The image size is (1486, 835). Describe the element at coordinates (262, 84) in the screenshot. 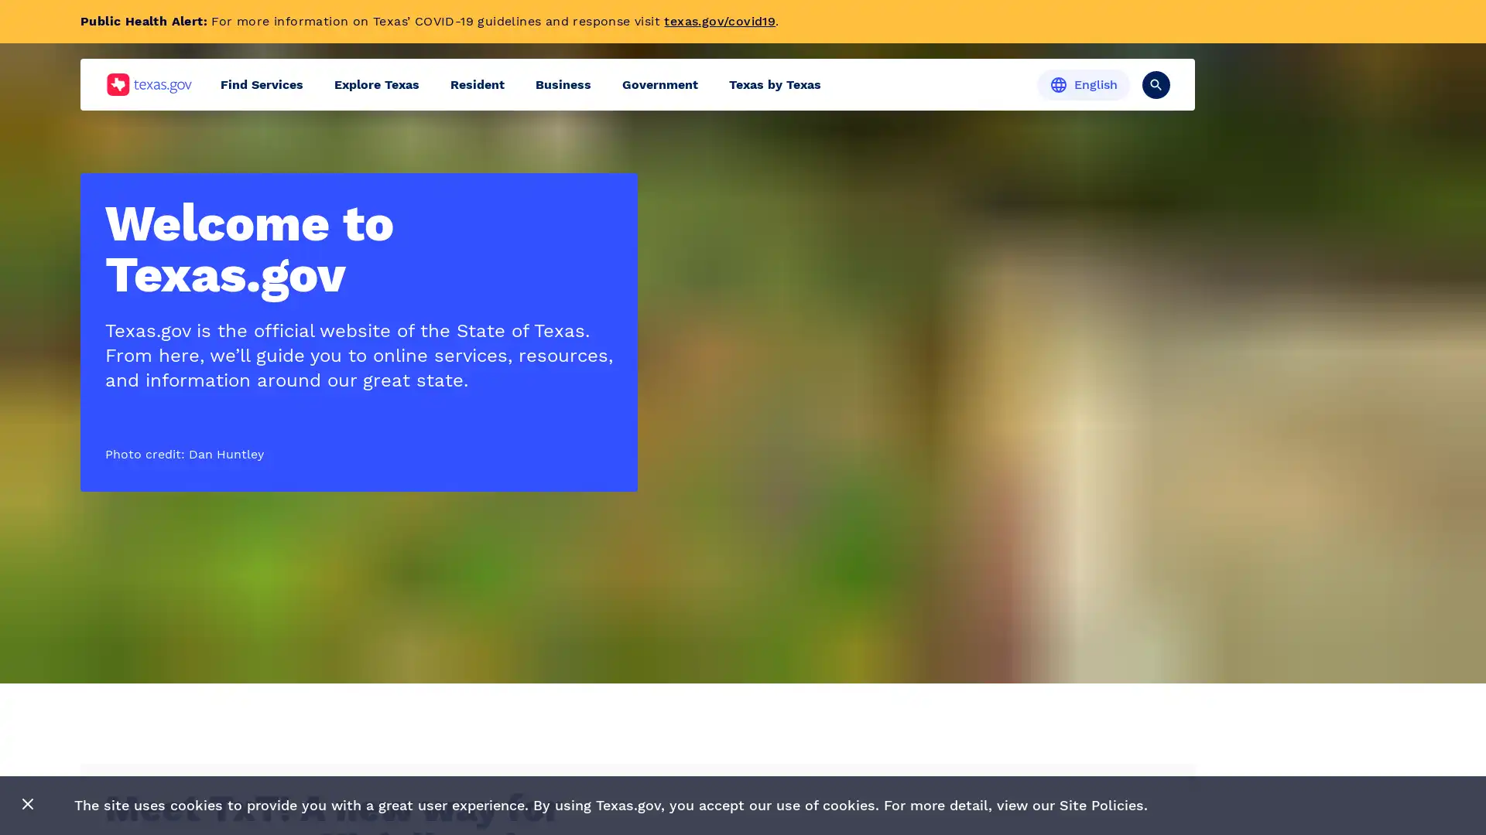

I see `Find Services` at that location.